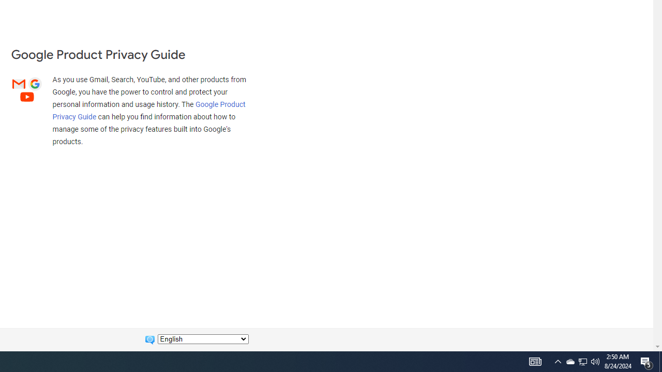  I want to click on 'Change language:', so click(203, 339).